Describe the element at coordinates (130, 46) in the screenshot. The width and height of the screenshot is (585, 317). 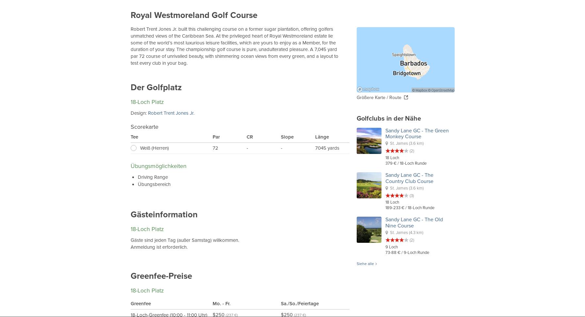
I see `'Robert Trent Jones Jr. built this challenging course on a former sugar plantation, offering golfers unmatched views of the Caribbean Sea. At the privileged heart of Royal Westmoreland estate lie some of the world’s most luxurious leisure facilities, which are yours to enjoy as a Member, for the duration of your stay. The championship golf course is pure, unadulterated pleasure. A 7,045 yard par 72 course of unrivalled beauty, with shimmering ocean views from every green, and a layout to test every club in your bag.'` at that location.